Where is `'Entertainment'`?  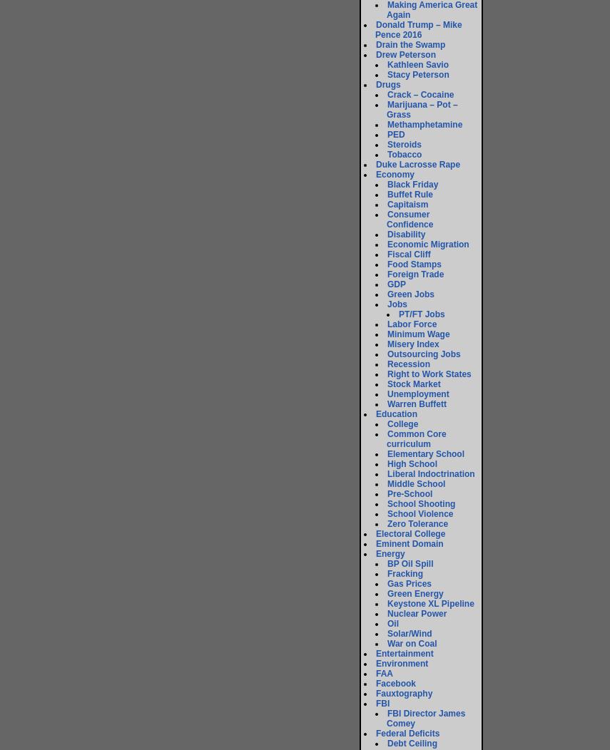
'Entertainment' is located at coordinates (404, 654).